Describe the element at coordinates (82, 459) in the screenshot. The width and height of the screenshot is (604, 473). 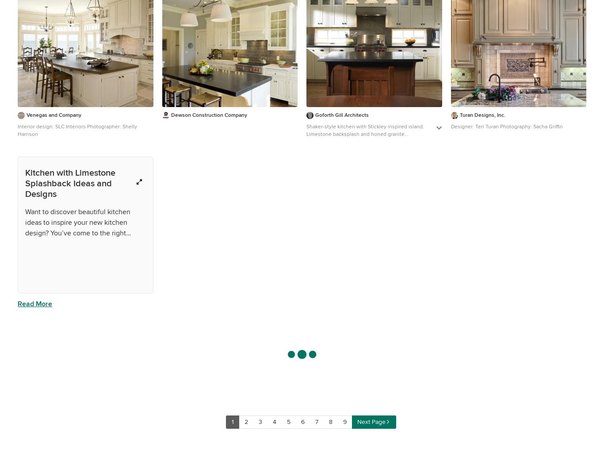
I see `'kitchen designer or fitter'` at that location.